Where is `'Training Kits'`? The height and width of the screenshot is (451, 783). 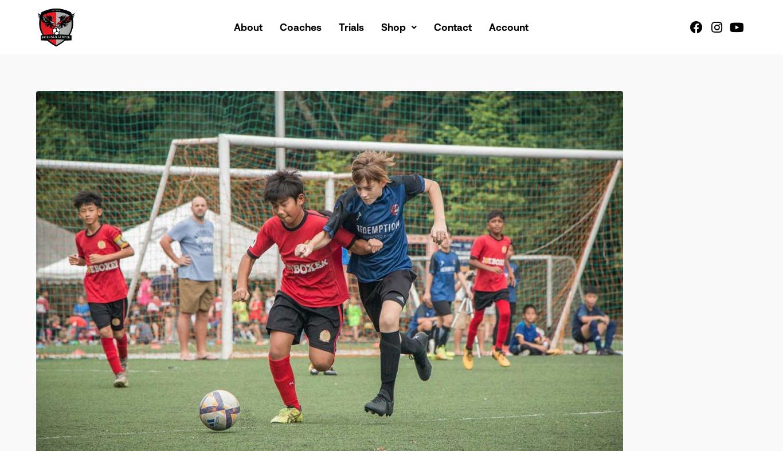 'Training Kits' is located at coordinates (421, 81).